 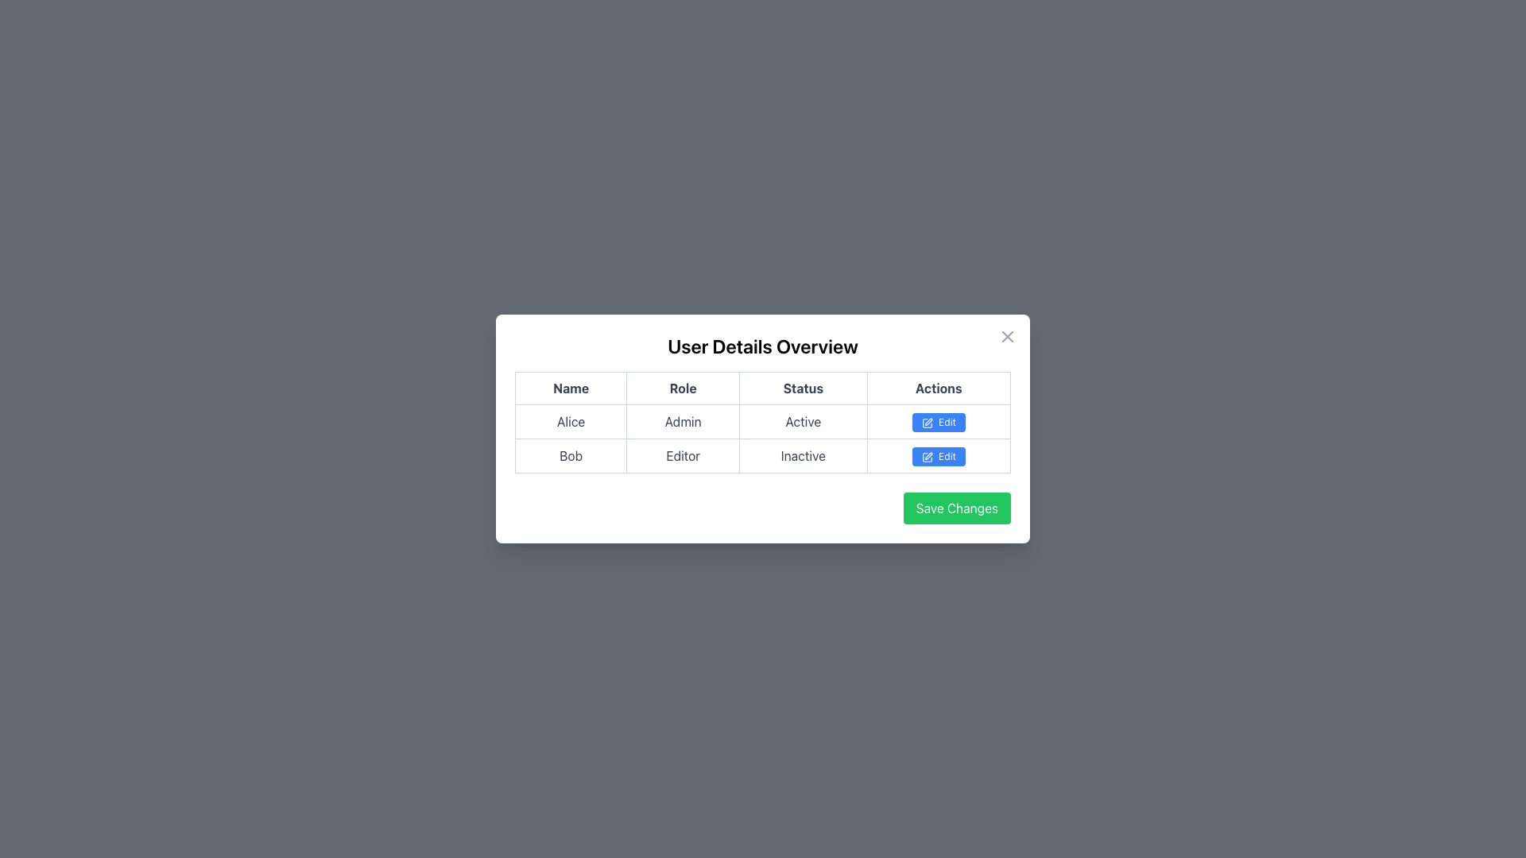 What do you see at coordinates (938, 421) in the screenshot?
I see `the edit button located in the 'Actions' column of the 'User Details Overview' section for the 'Alice' user entry` at bounding box center [938, 421].